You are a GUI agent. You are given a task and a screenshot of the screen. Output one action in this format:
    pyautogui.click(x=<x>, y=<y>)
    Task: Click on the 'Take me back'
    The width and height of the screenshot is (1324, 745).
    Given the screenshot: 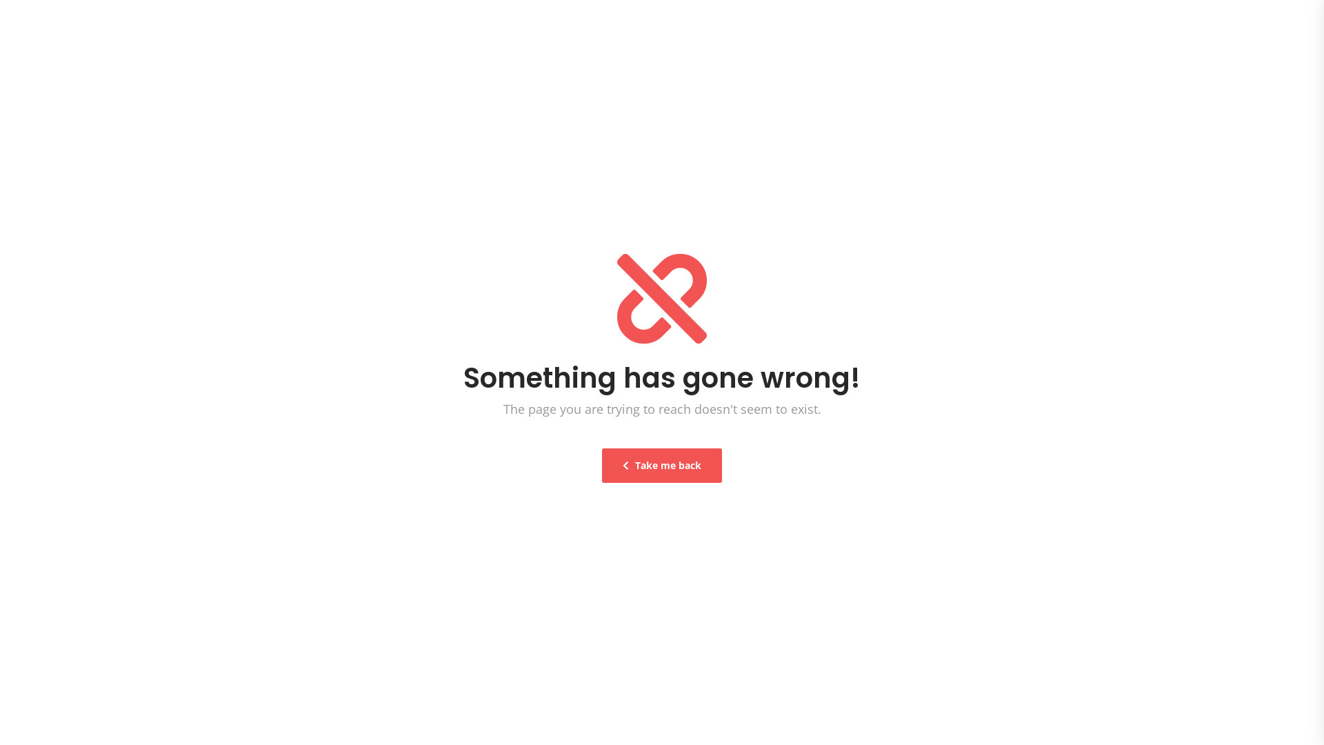 What is the action you would take?
    pyautogui.click(x=602, y=466)
    